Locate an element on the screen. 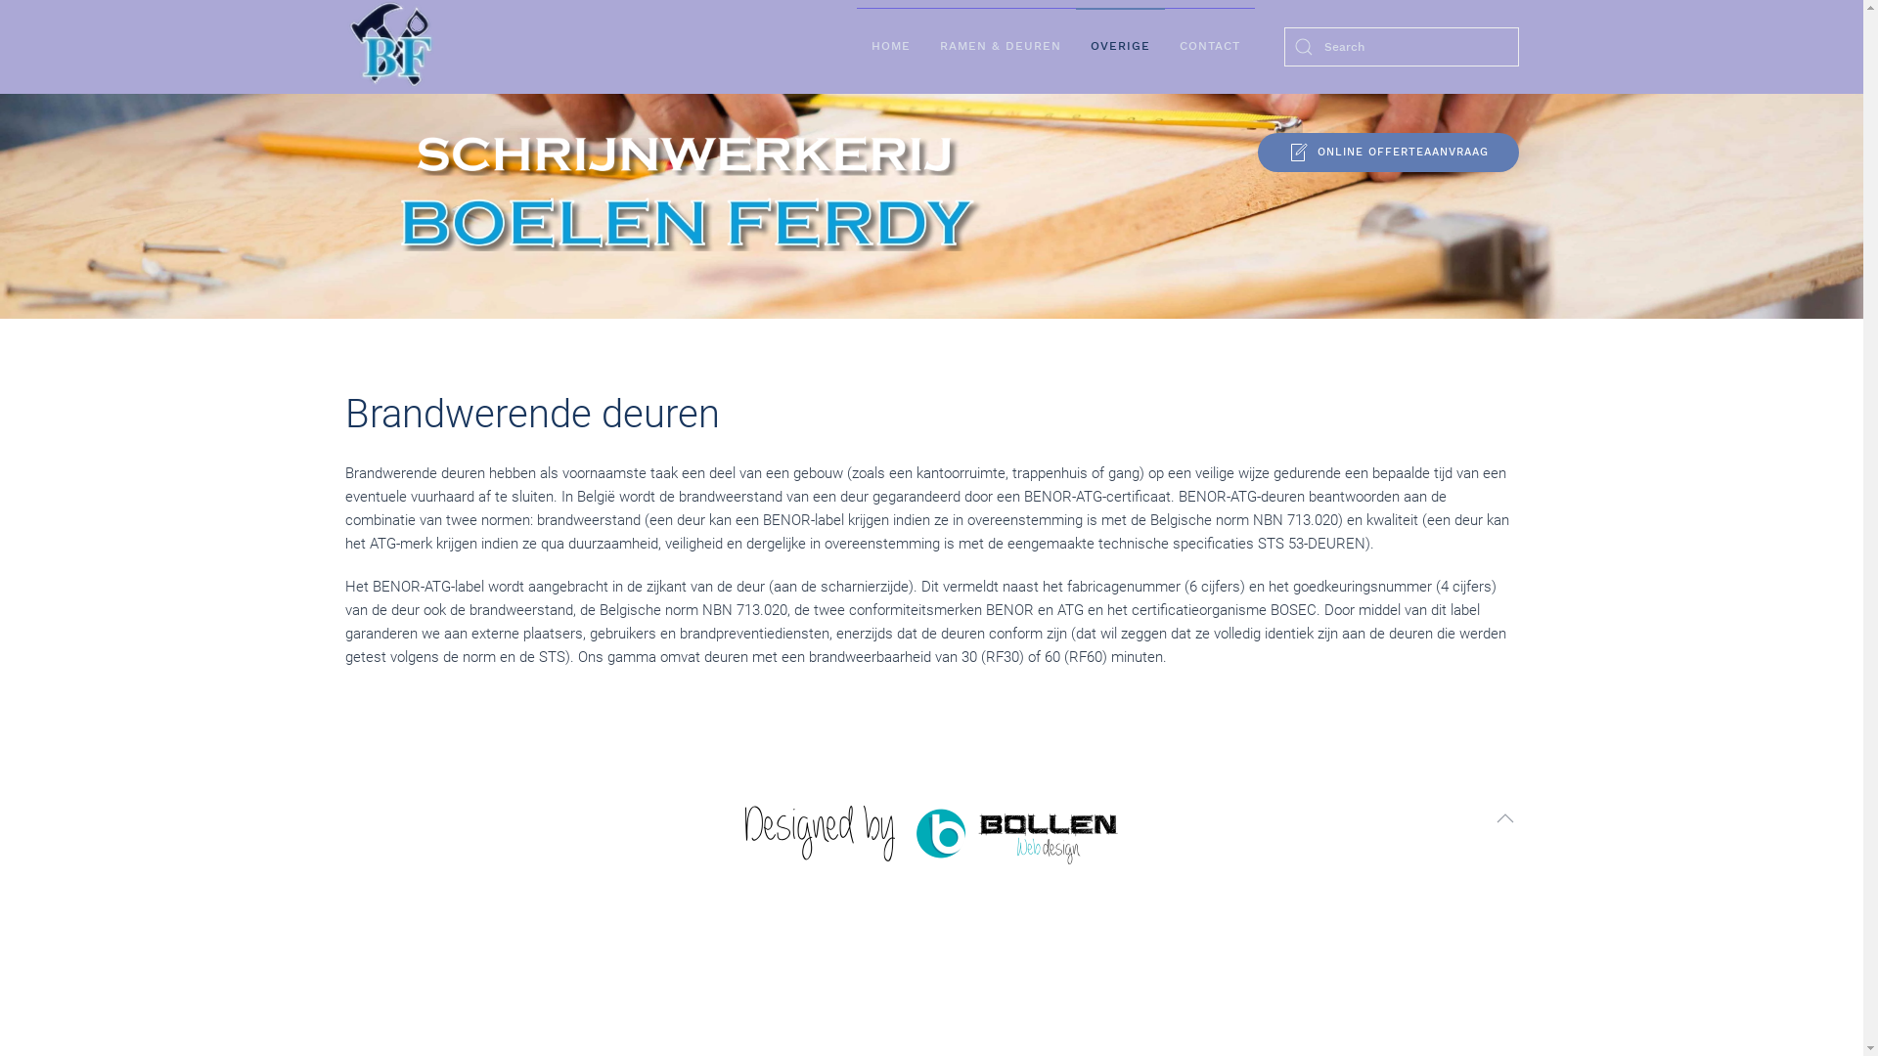 This screenshot has width=1878, height=1056. 'Terug naar boven' is located at coordinates (1502, 818).